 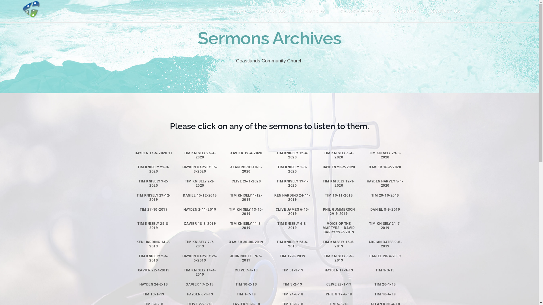 What do you see at coordinates (246, 294) in the screenshot?
I see `'TIM 1-7-18'` at bounding box center [246, 294].